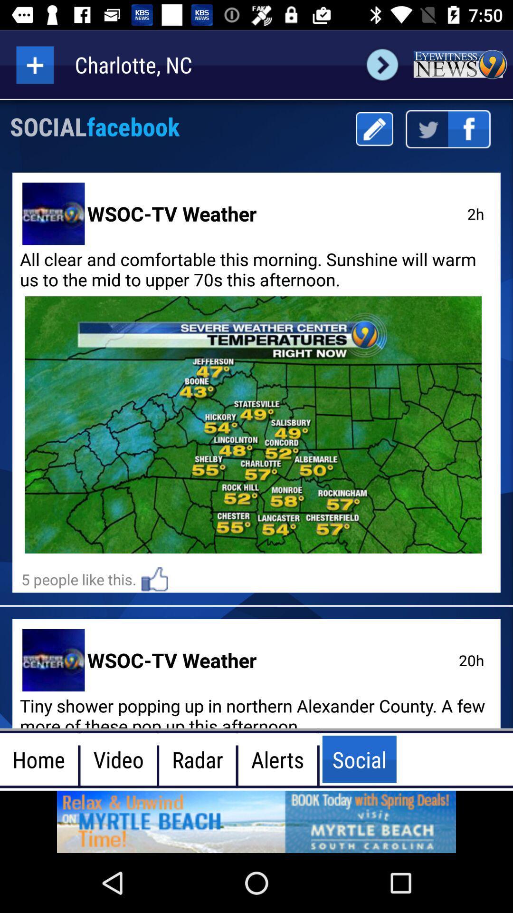  Describe the element at coordinates (374, 128) in the screenshot. I see `write a post` at that location.